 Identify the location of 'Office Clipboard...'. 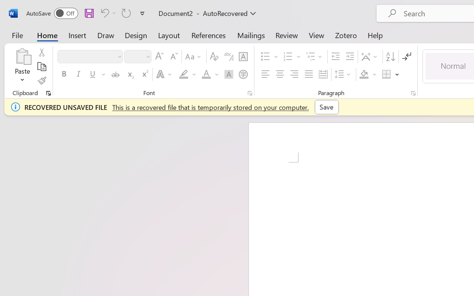
(48, 93).